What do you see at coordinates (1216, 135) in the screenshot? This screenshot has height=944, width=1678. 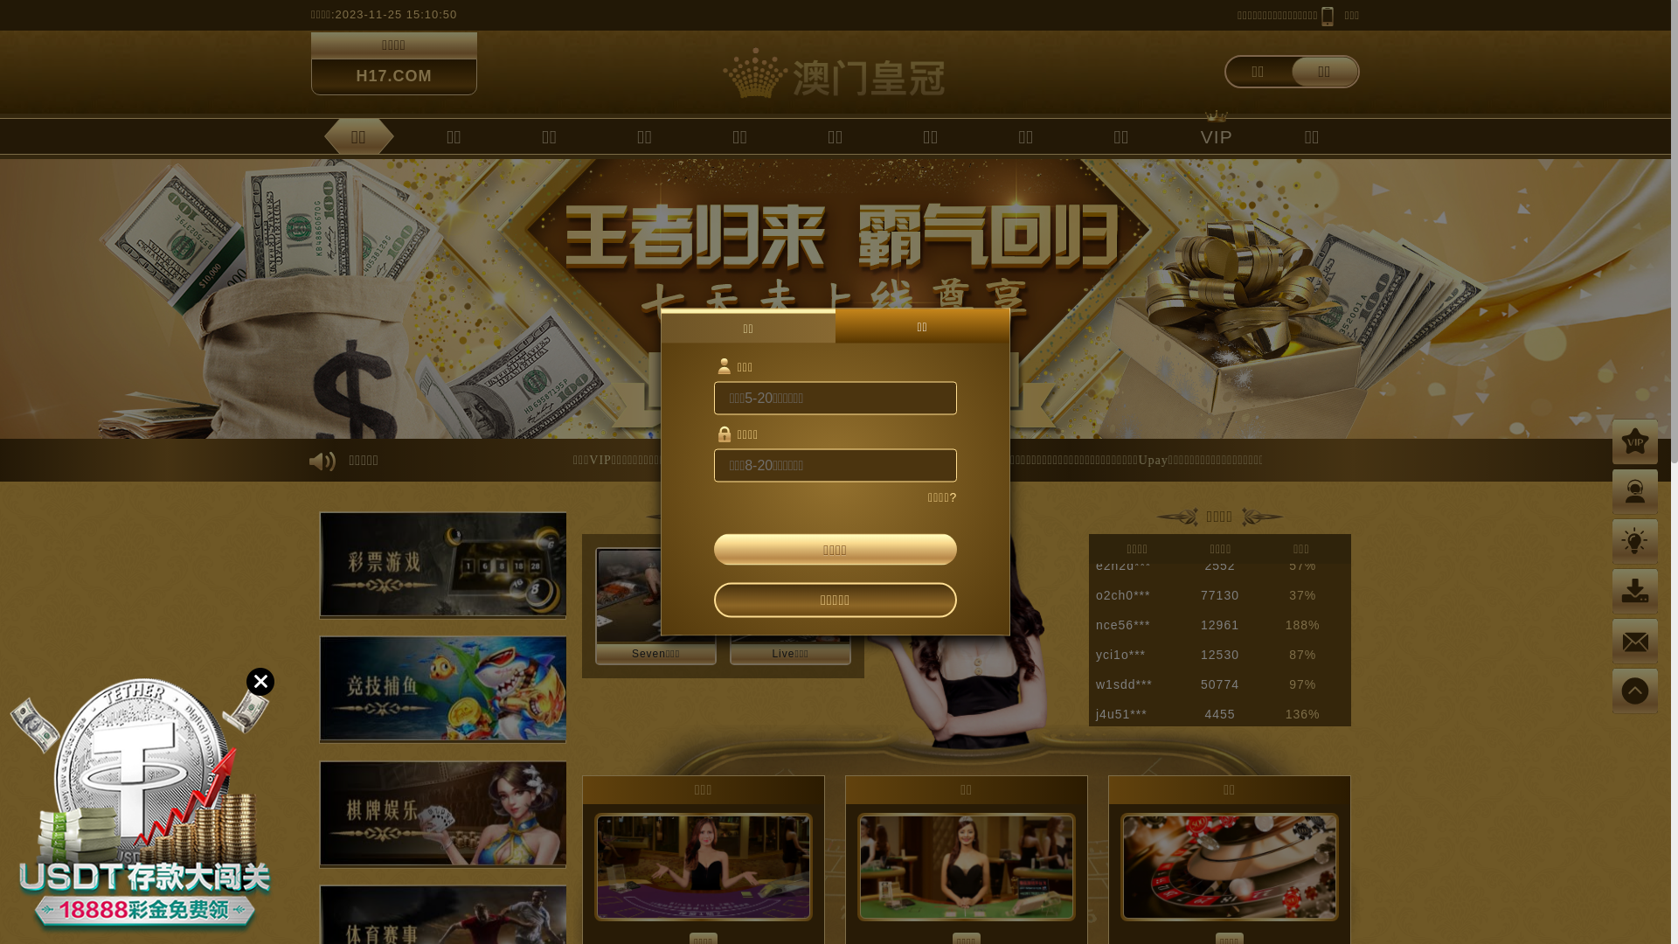 I see `'VIP'` at bounding box center [1216, 135].